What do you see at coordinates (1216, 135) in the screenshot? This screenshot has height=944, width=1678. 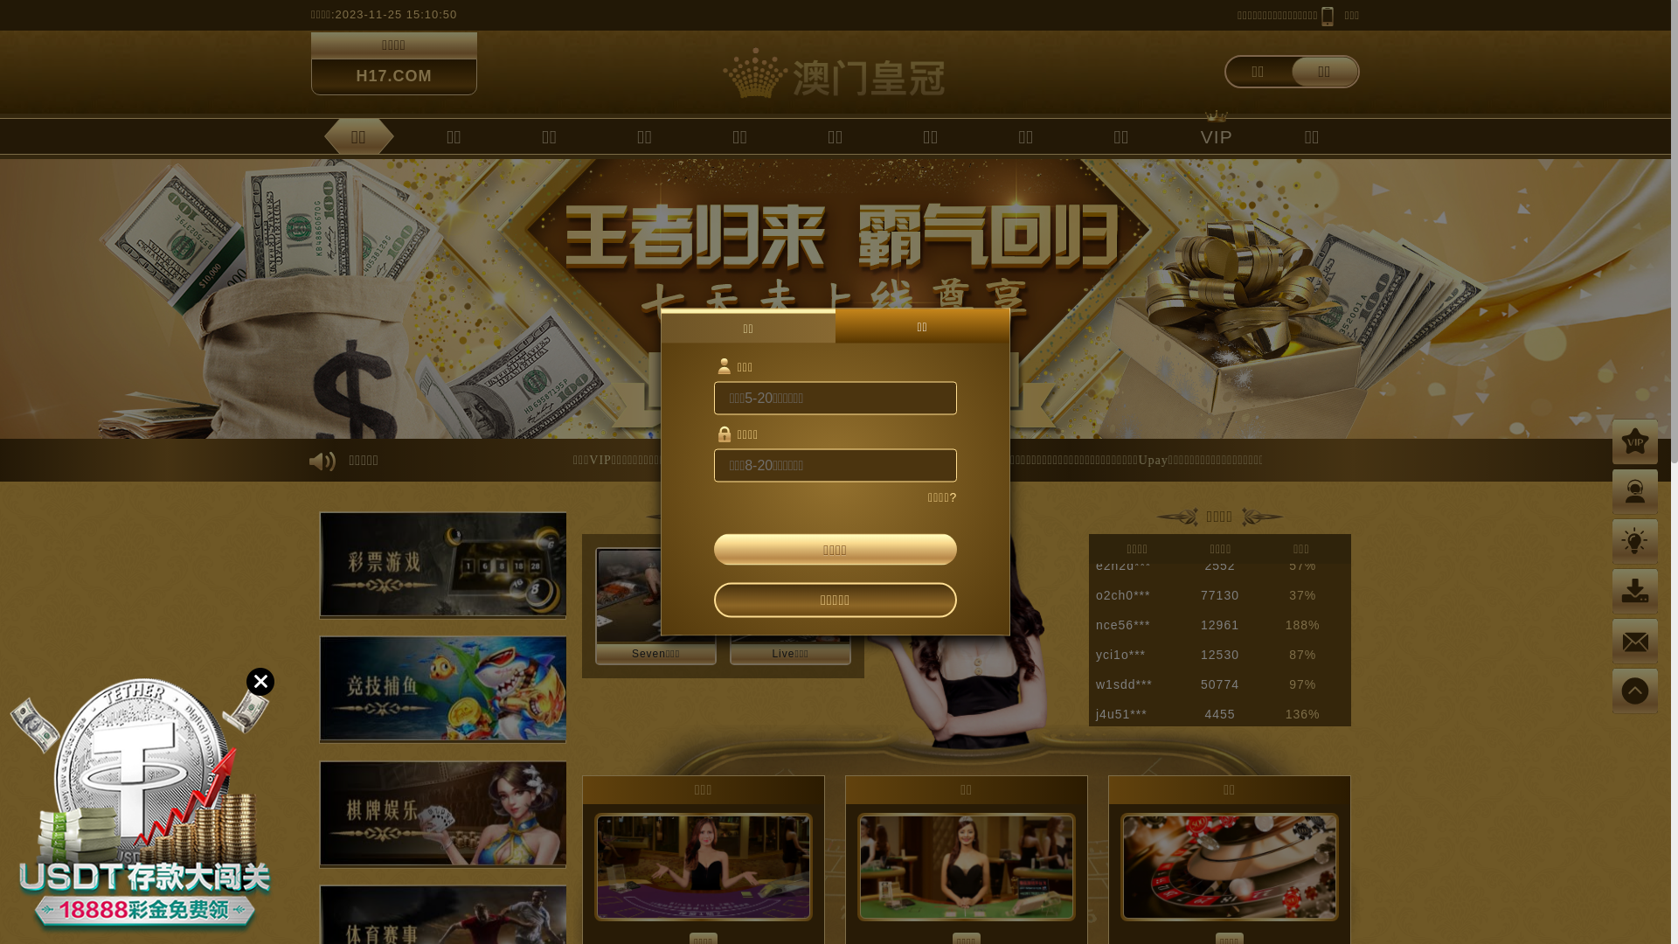 I see `'VIP'` at bounding box center [1216, 135].